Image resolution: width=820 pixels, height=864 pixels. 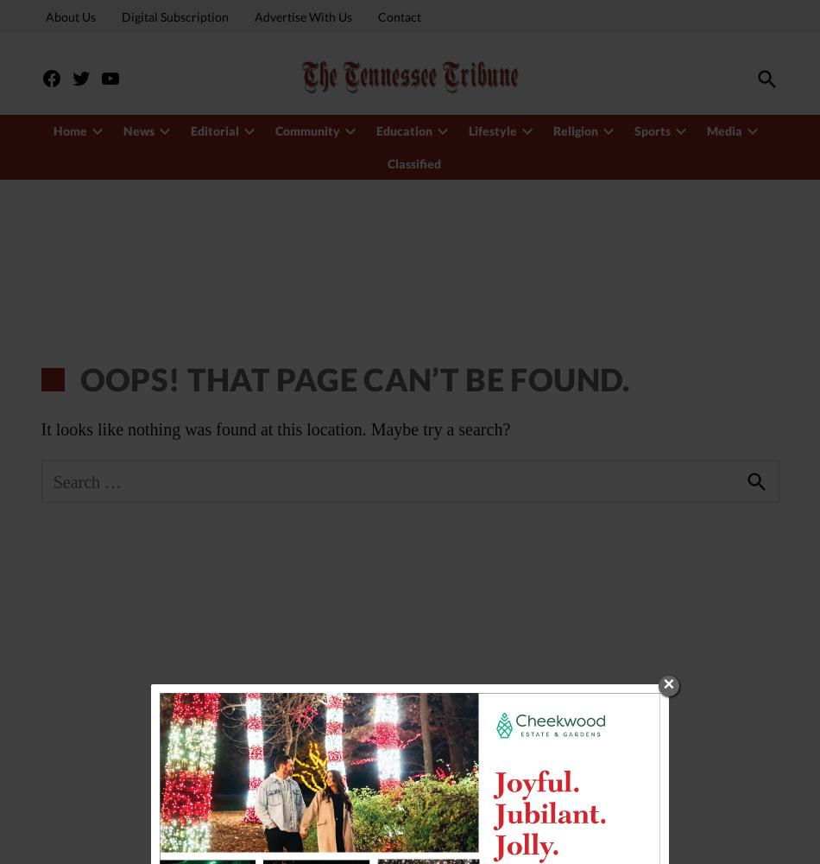 I want to click on 'Oops! That page can’t be found.', so click(x=353, y=378).